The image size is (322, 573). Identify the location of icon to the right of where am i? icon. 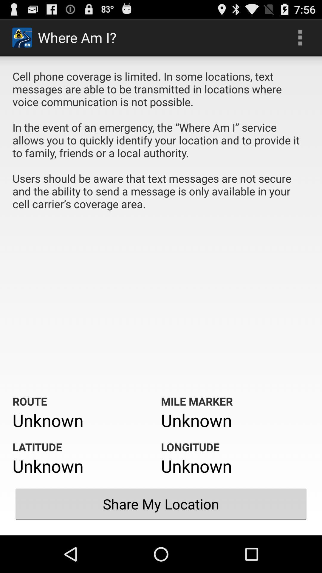
(300, 37).